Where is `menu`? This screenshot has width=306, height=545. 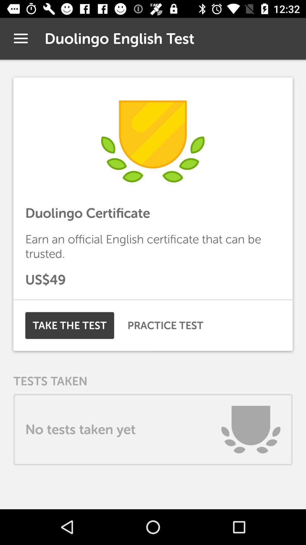 menu is located at coordinates (20, 38).